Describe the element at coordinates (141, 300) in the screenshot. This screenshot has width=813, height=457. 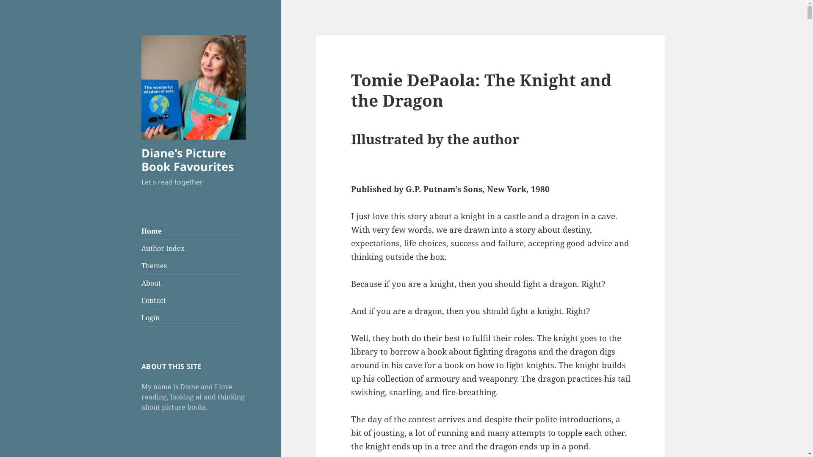
I see `'Contact'` at that location.